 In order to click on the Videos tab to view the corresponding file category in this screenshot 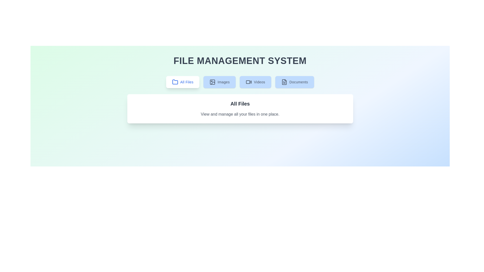, I will do `click(255, 82)`.